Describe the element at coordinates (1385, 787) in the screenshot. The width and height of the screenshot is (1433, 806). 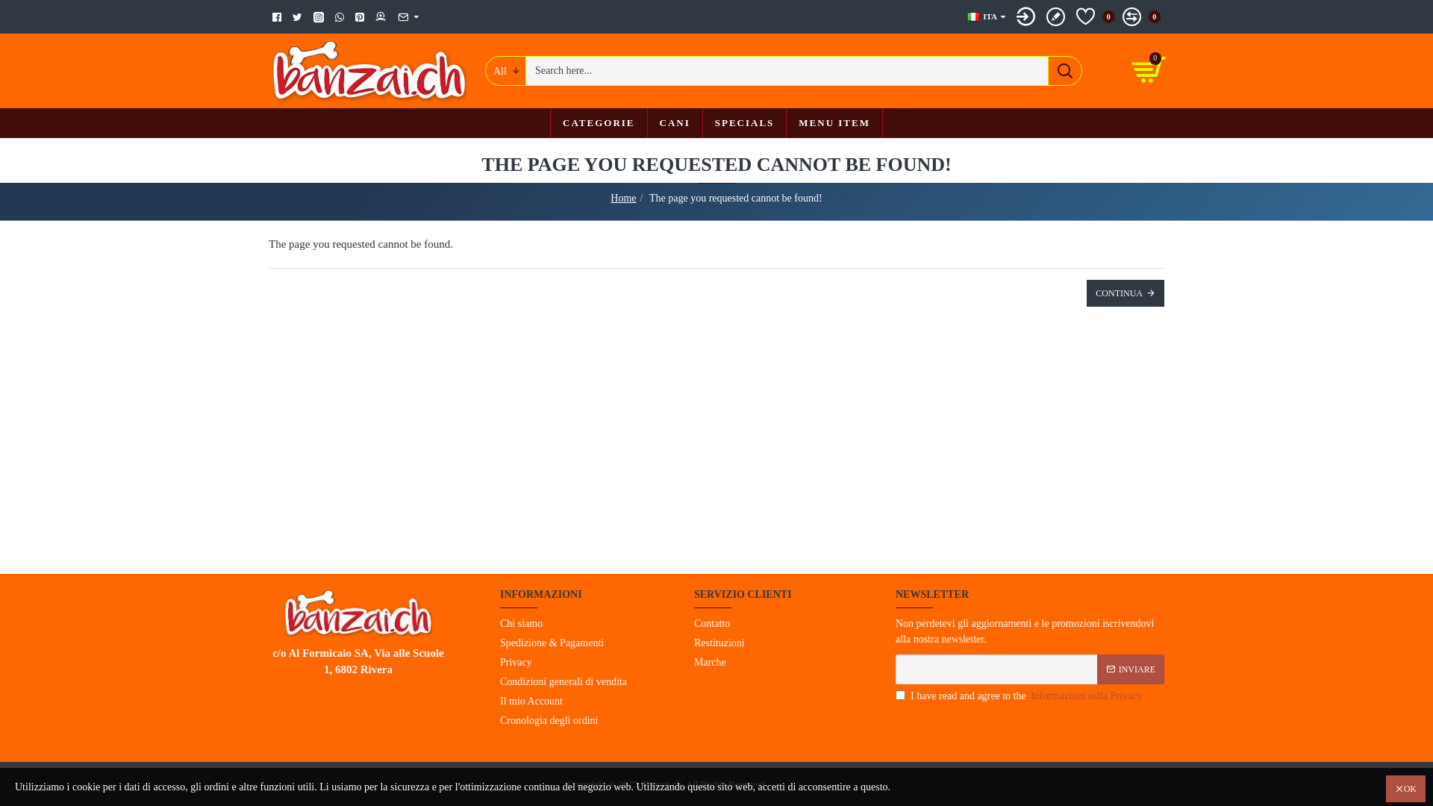
I see `'OK'` at that location.